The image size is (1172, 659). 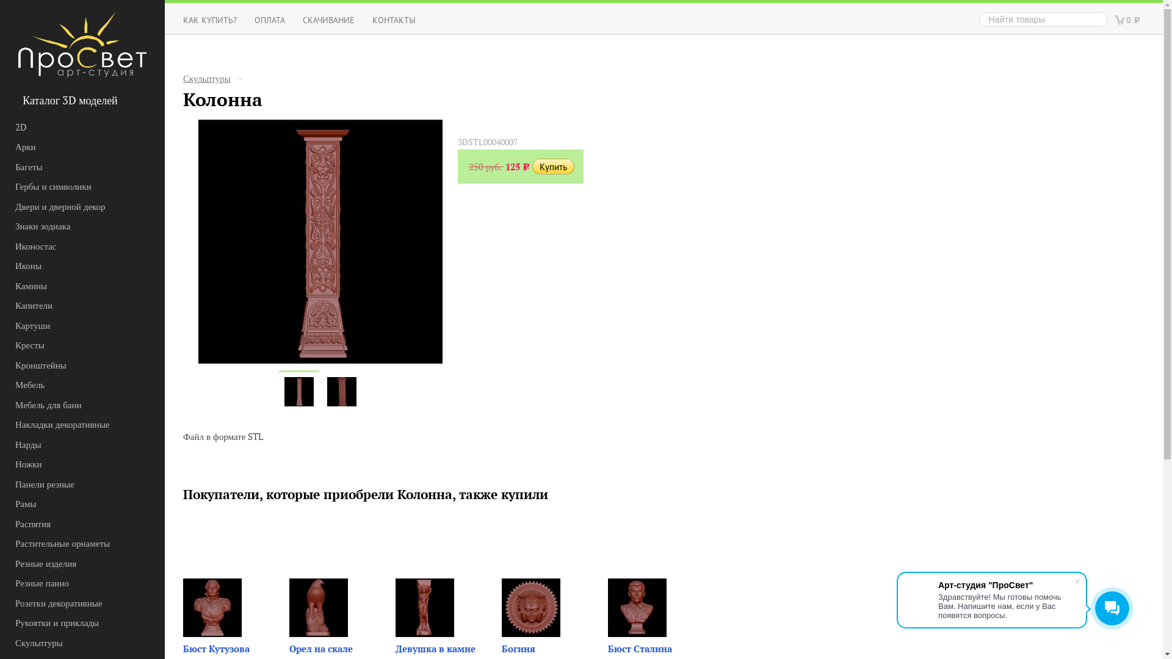 I want to click on '2D', so click(x=69, y=127).